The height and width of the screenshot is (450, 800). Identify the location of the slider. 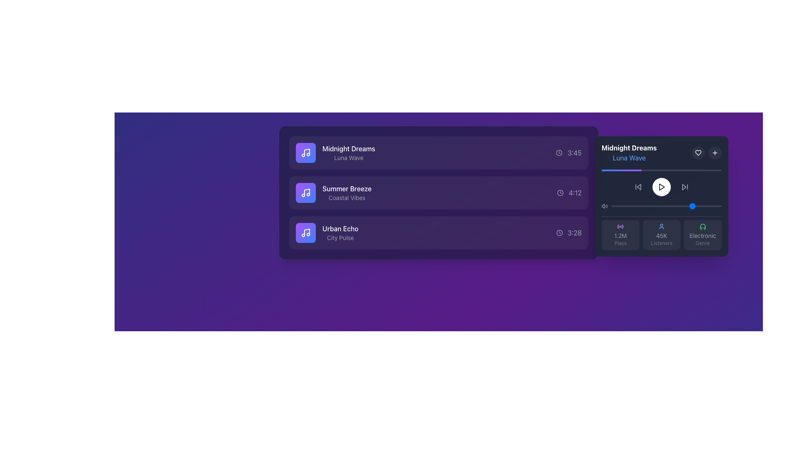
(668, 206).